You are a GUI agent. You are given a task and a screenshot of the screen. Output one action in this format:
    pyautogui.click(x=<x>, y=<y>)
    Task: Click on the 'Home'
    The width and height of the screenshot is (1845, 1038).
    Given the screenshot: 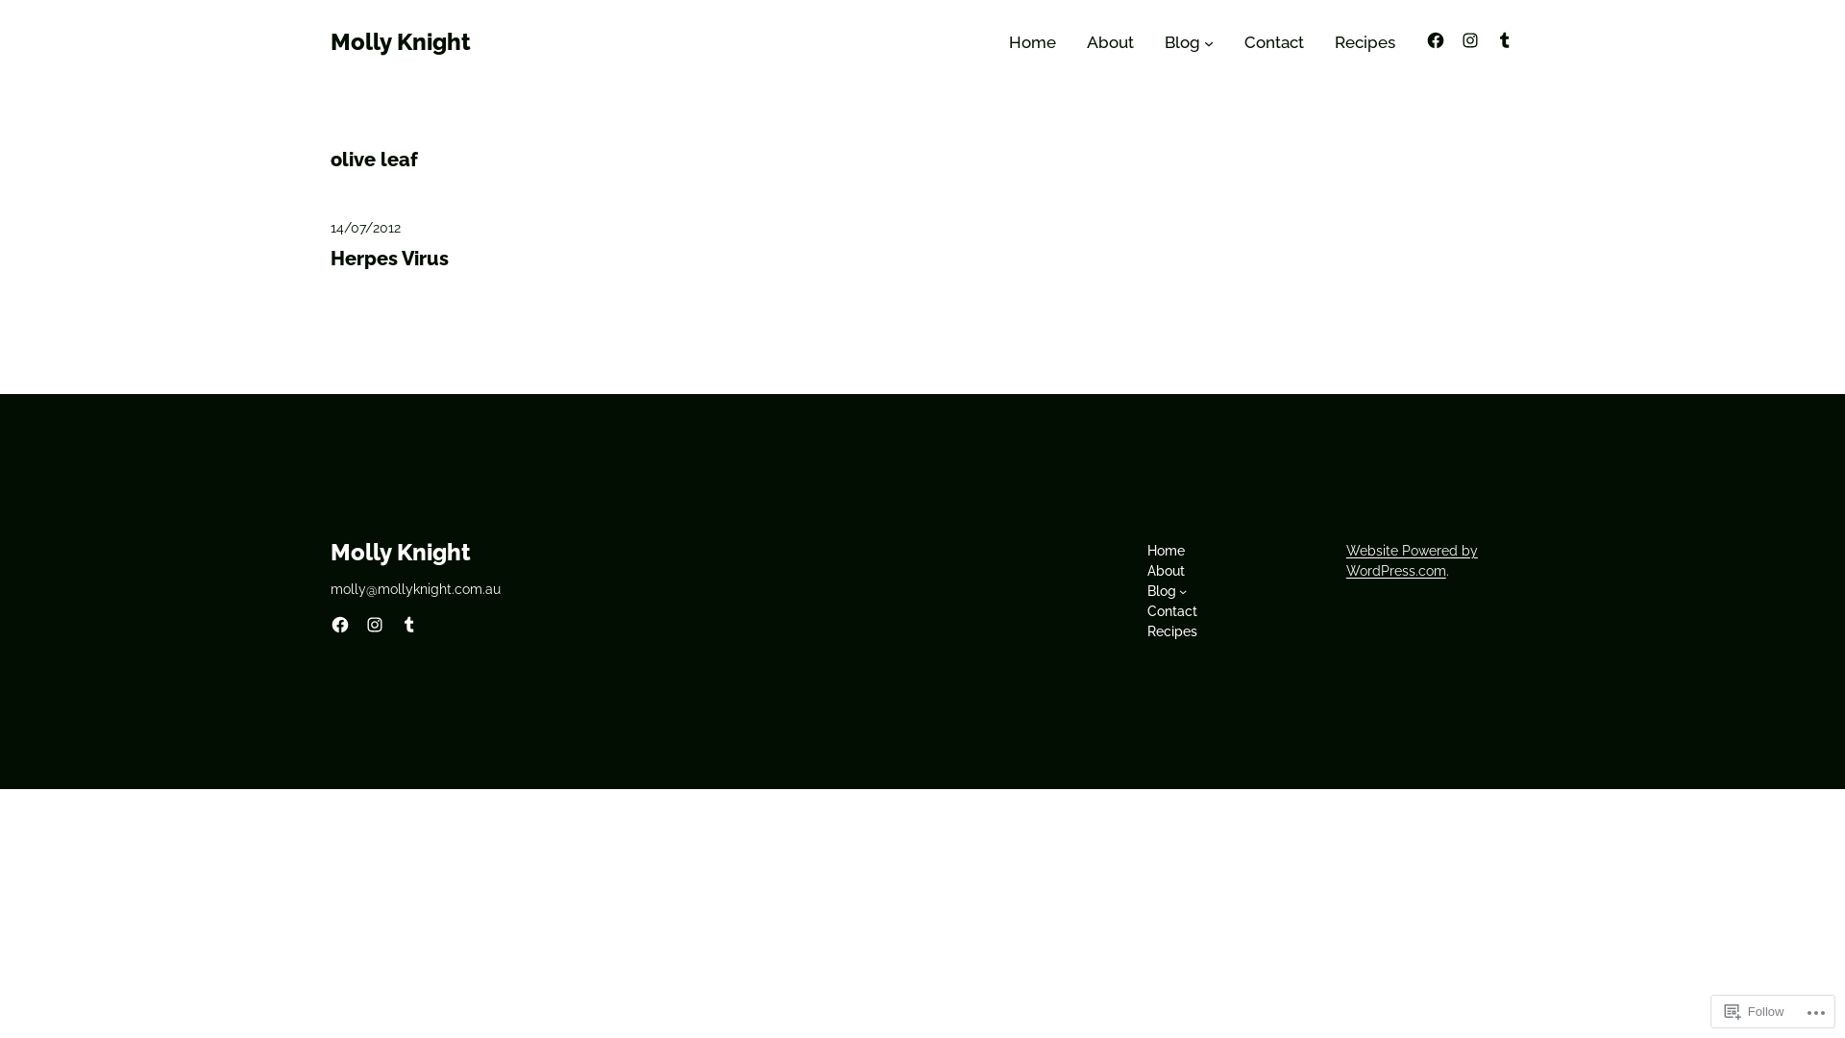 What is the action you would take?
    pyautogui.click(x=1165, y=551)
    